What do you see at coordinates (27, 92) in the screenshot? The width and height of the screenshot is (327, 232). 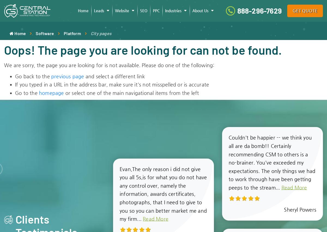 I see `'Go to the'` at bounding box center [27, 92].